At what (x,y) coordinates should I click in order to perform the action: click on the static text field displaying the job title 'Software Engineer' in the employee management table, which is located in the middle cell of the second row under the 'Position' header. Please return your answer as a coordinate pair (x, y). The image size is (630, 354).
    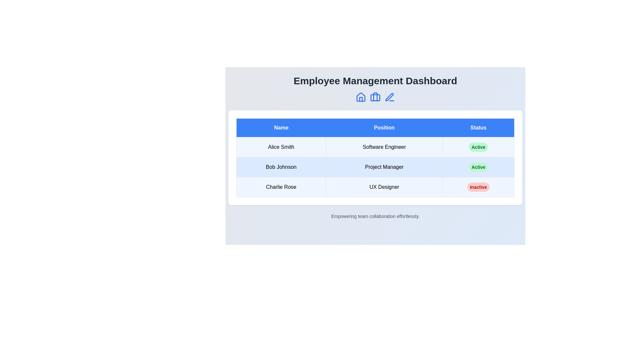
    Looking at the image, I should click on (384, 147).